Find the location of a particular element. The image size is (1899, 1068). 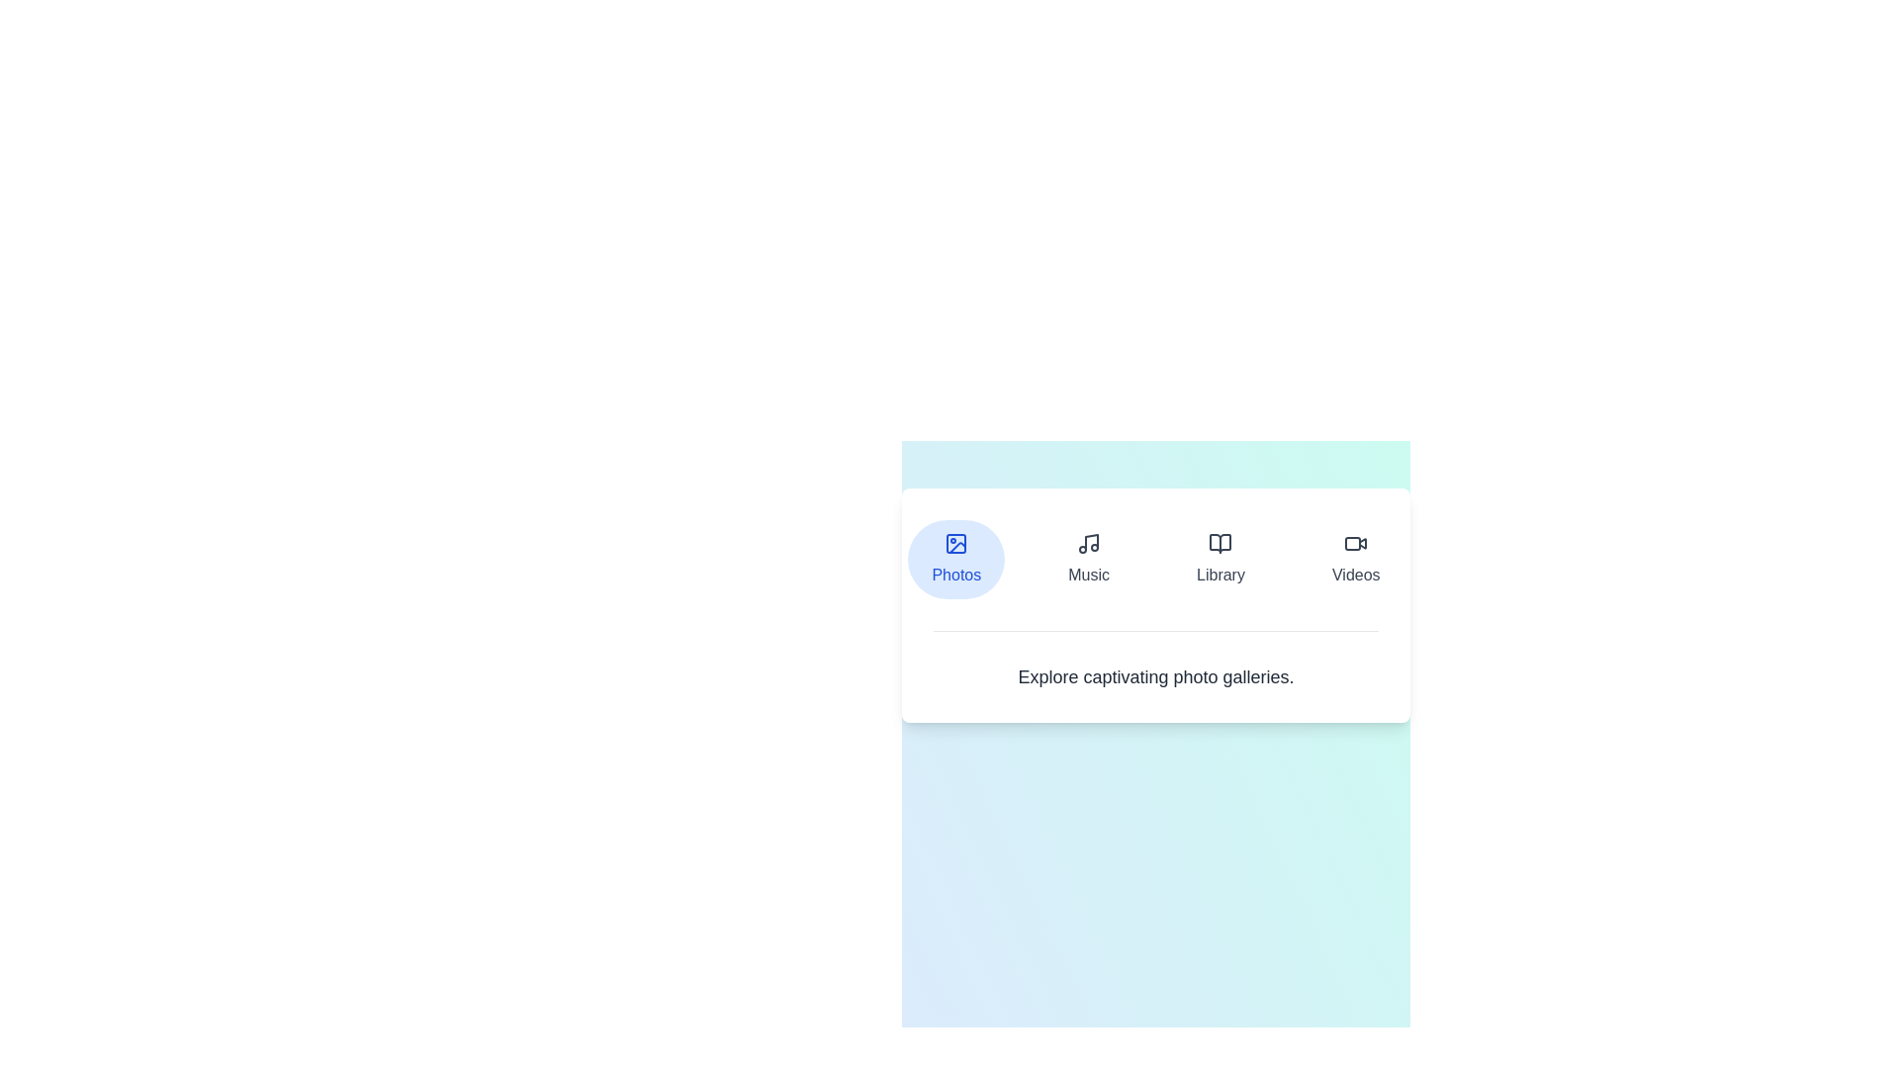

the first icon in the navigation options labeled 'Photos', which is a photograph icon with rounded corners and minimalist design, located at the top-left corner of the blue-shaded card interface is located at coordinates (956, 544).